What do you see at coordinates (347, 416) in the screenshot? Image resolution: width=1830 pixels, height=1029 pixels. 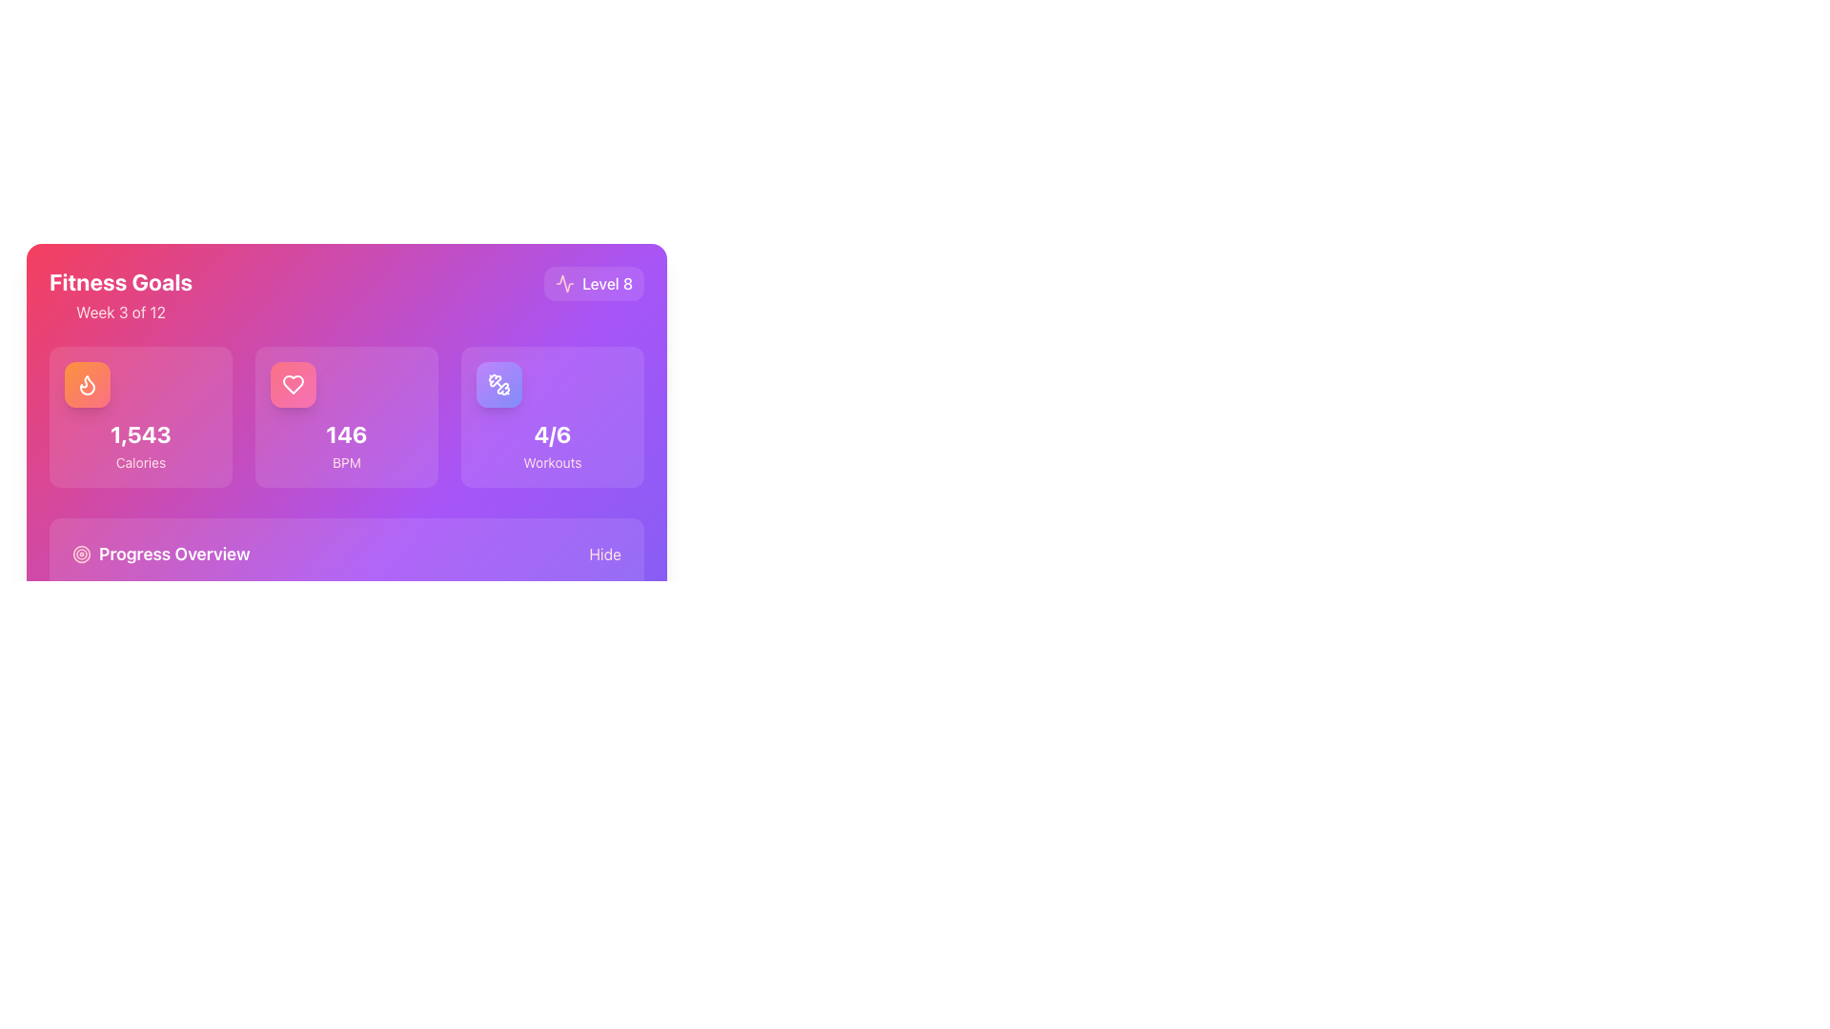 I see `the middle informational card with a pink gradient, heart icon, number '146', and designation 'BPM' within the grid layout of the 'Fitness Goals' section` at bounding box center [347, 416].